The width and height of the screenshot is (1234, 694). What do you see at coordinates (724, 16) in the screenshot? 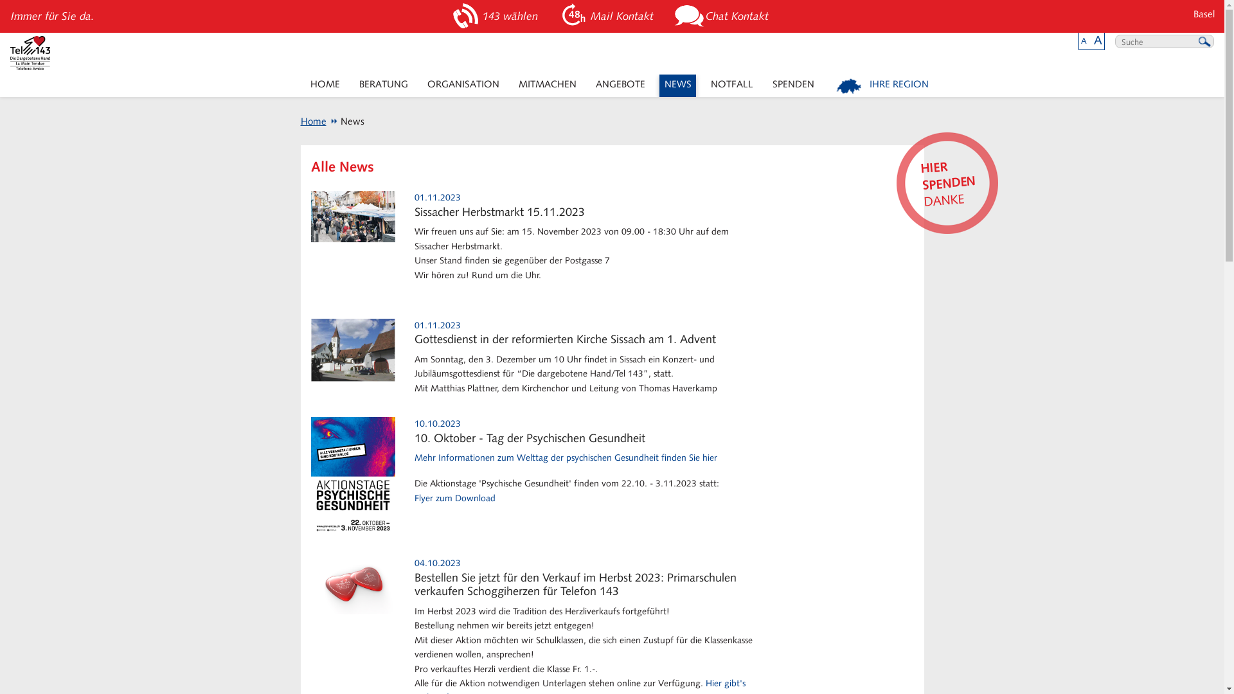
I see `'Chat Kontakt'` at bounding box center [724, 16].